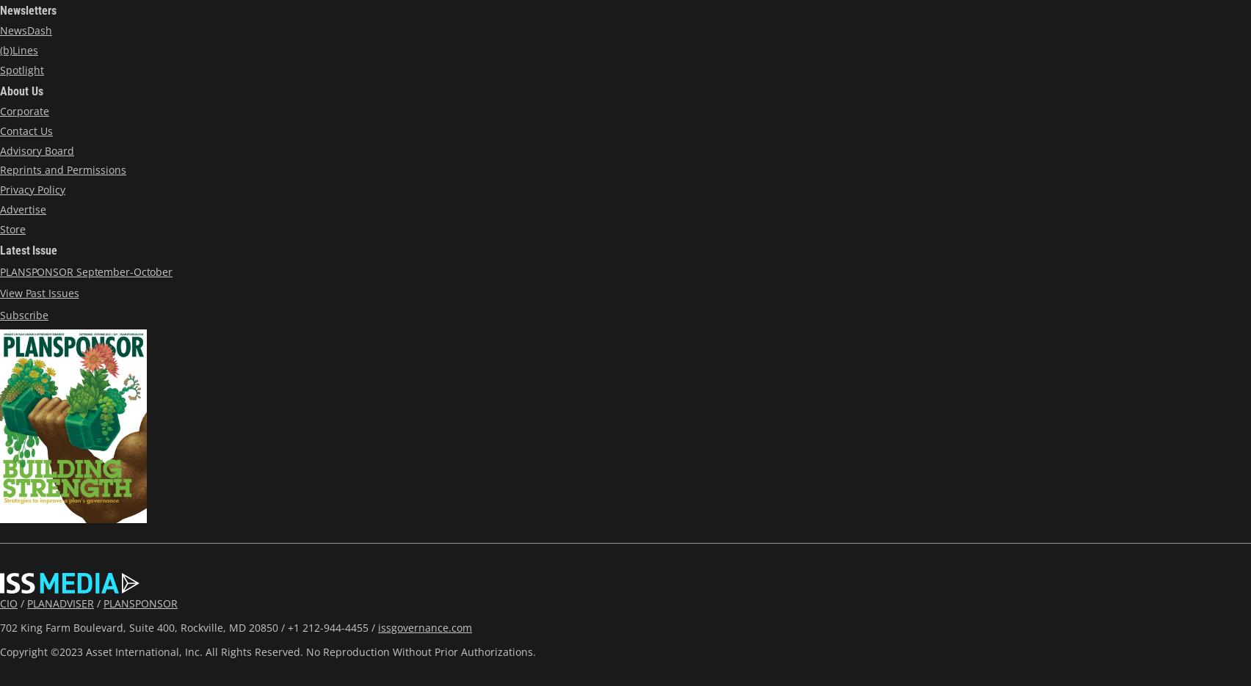 Image resolution: width=1251 pixels, height=686 pixels. I want to click on 'Latest Issue', so click(28, 249).